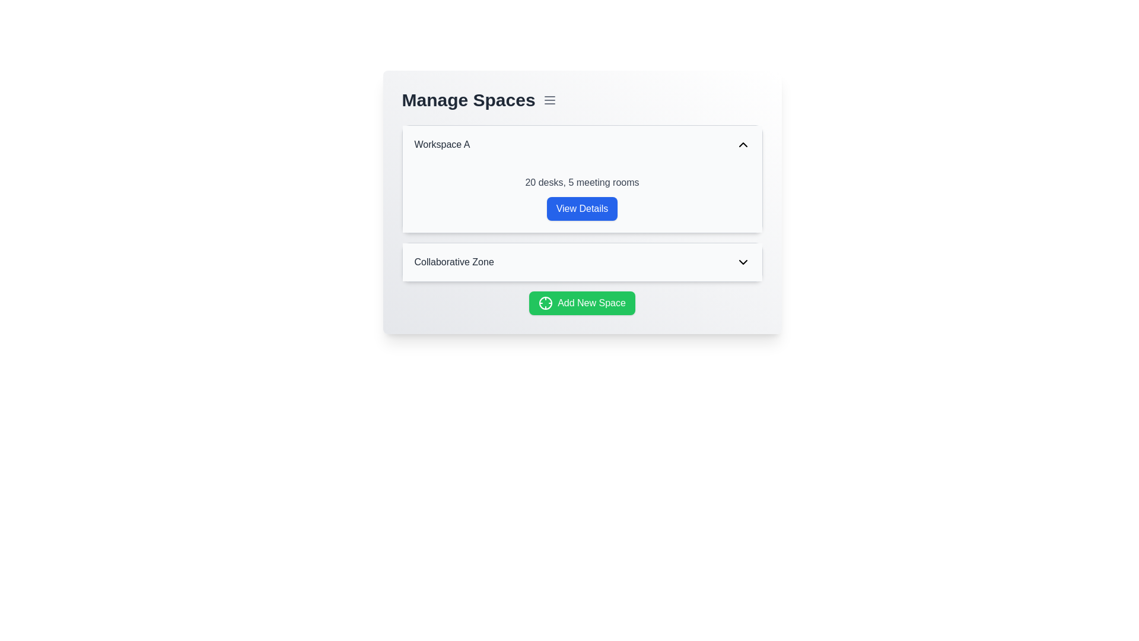 The image size is (1139, 641). I want to click on the upward-pointing chevron icon with a thin black stroke located in the top-right corner of the header labeled 'Workspace A' to observe any interactive feedback, so click(742, 144).